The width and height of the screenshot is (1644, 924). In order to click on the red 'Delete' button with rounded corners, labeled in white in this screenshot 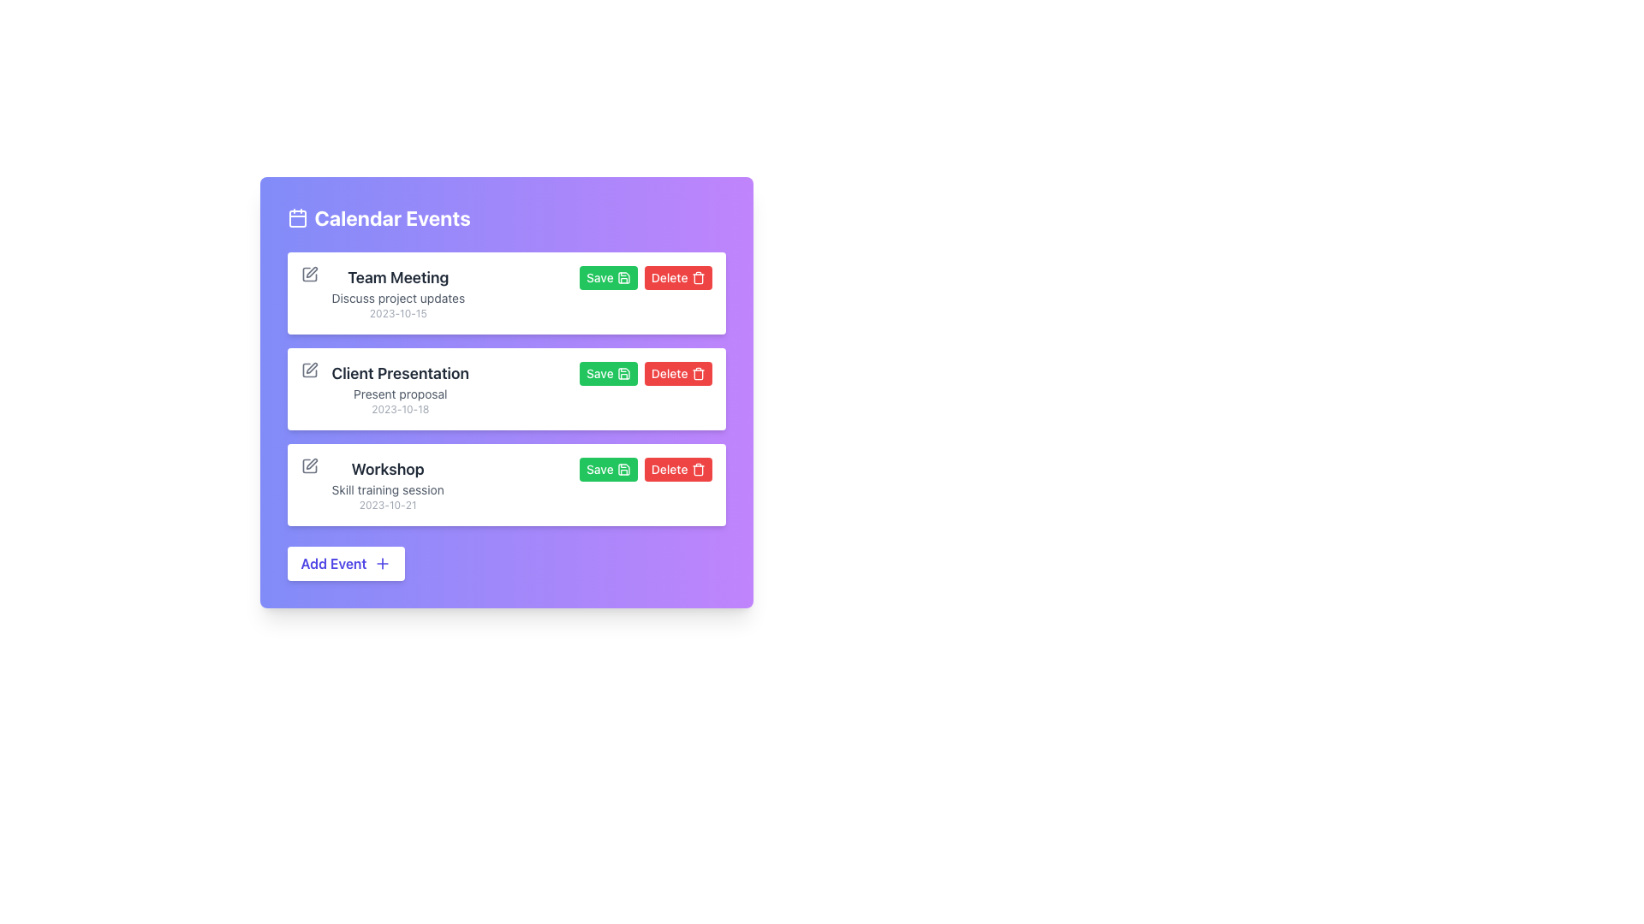, I will do `click(677, 276)`.